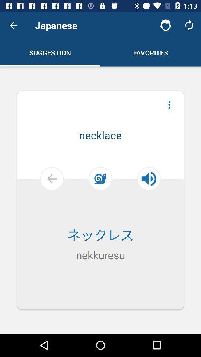 Image resolution: width=201 pixels, height=357 pixels. I want to click on the arrow icon, so click(33, 199).